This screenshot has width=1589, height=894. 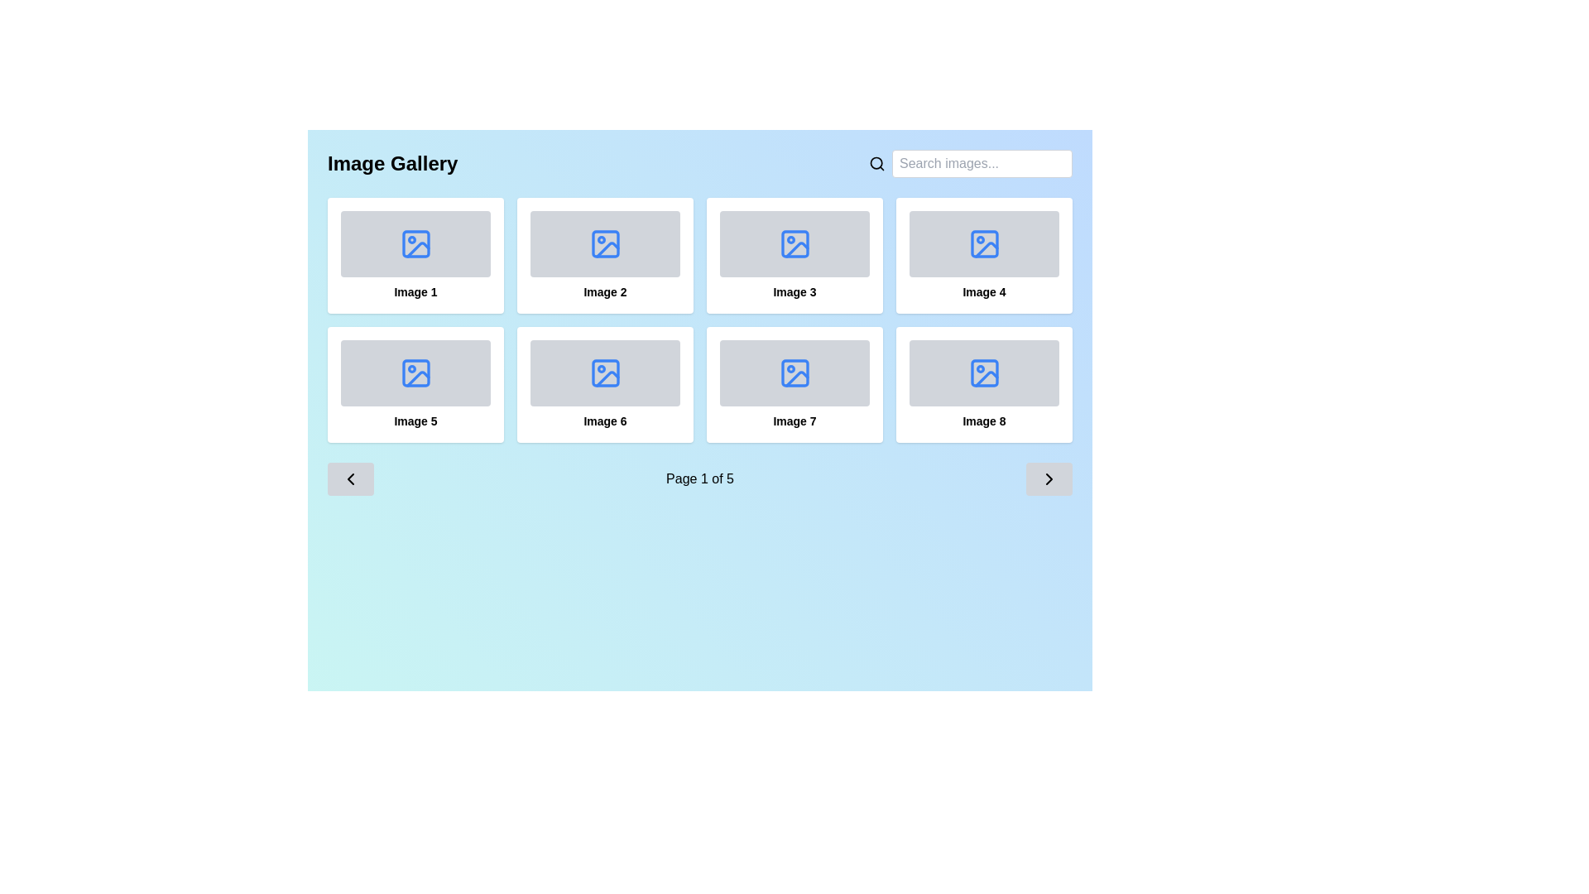 I want to click on text of the label 'Image 7' located beneath the seventh image in the grid, which is styled in bold and centered alignment, so click(x=794, y=421).